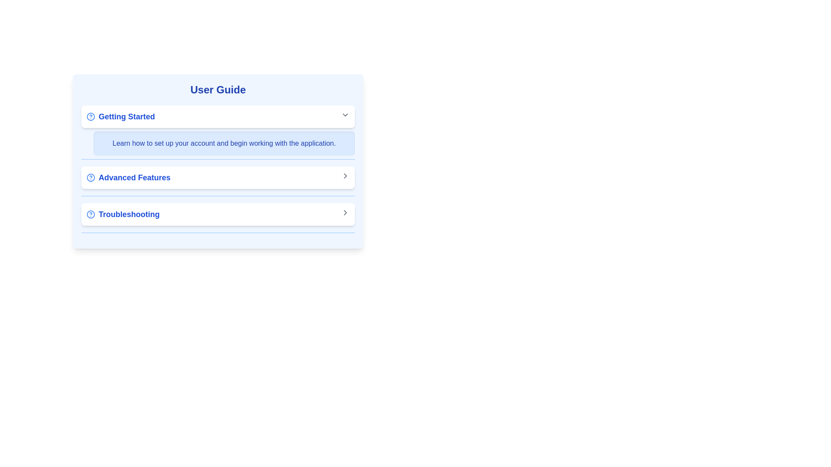 Image resolution: width=831 pixels, height=467 pixels. Describe the element at coordinates (345, 213) in the screenshot. I see `the Chevron Right icon located at the far right of the 'Troubleshooting' section` at that location.